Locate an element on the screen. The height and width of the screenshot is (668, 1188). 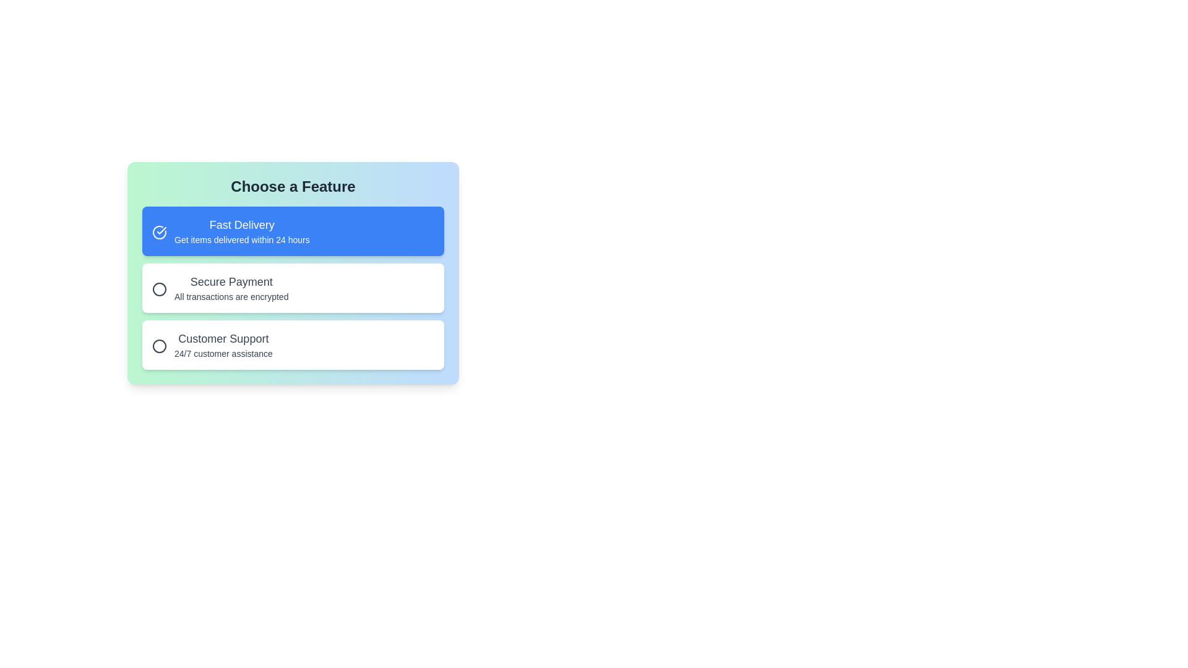
text block that contains the phrases 'Secure Payment' and 'All transactions are encrypted', located in the second option box below 'Fast Delivery' and above 'Customer Support' is located at coordinates (231, 288).